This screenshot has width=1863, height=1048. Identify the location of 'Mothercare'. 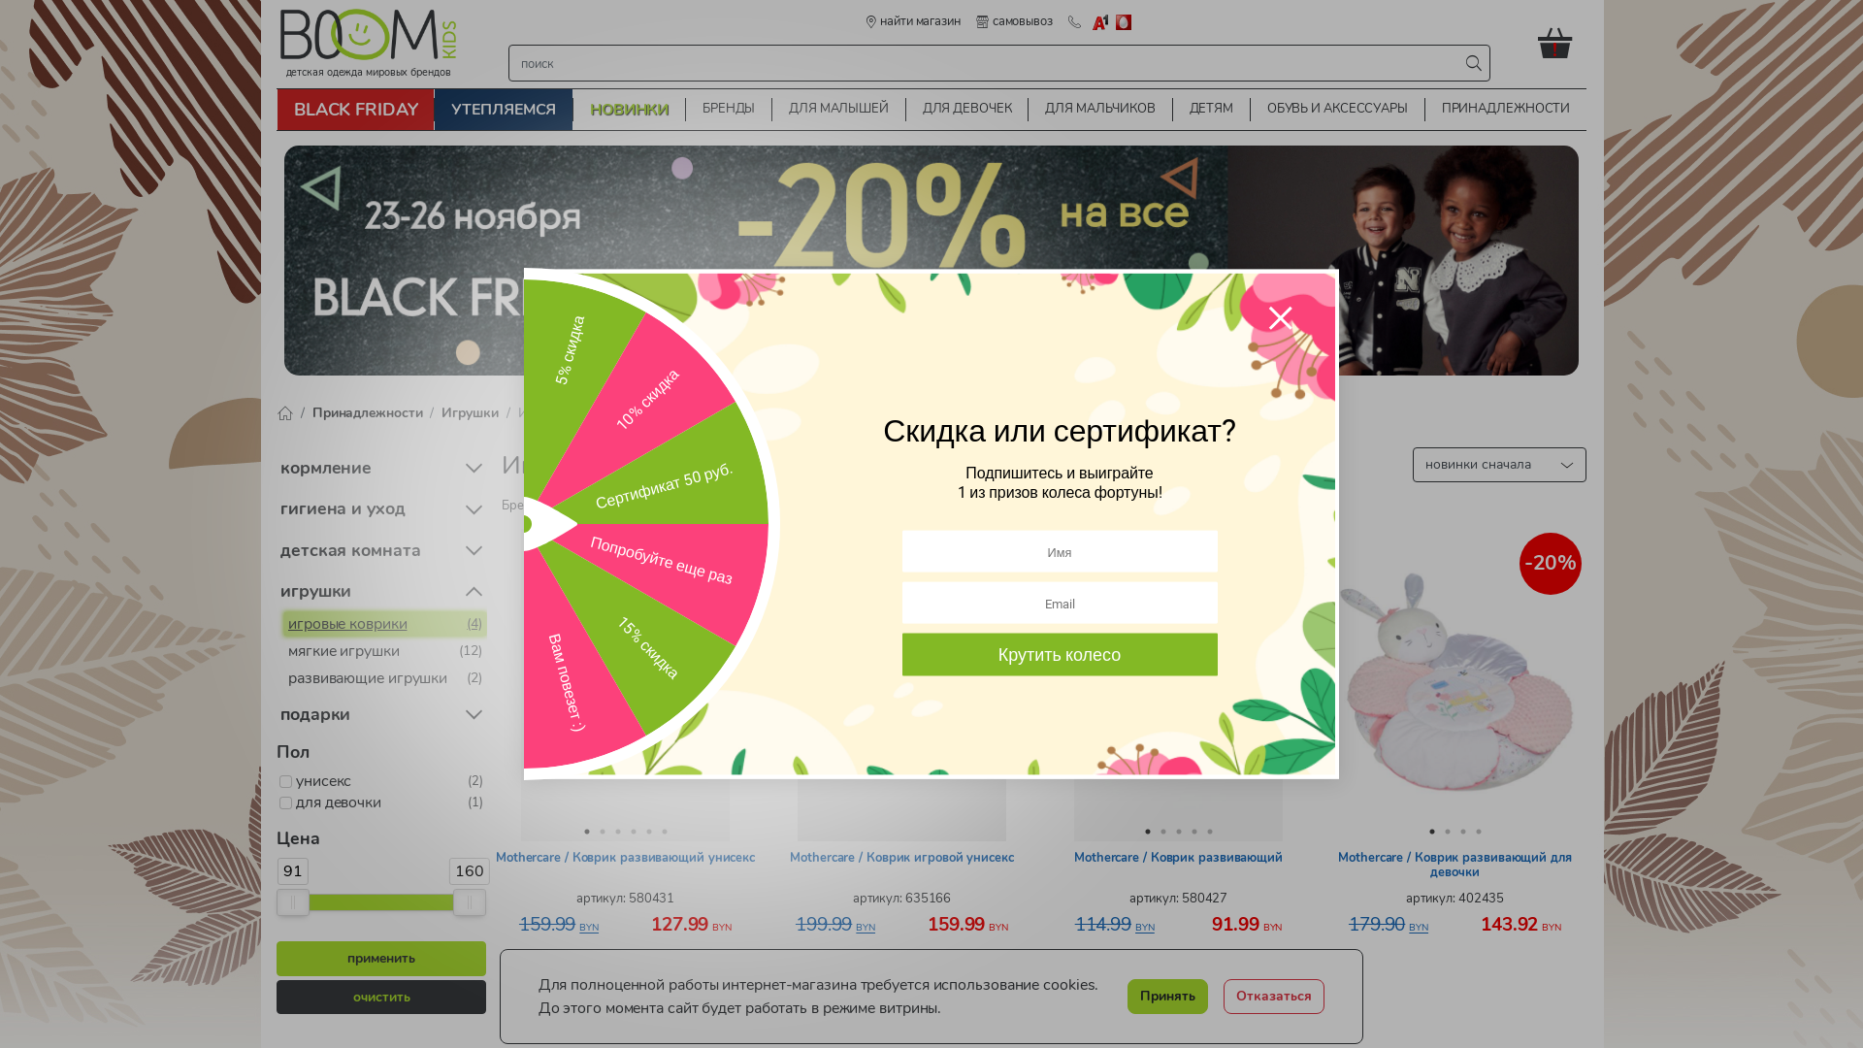
(585, 504).